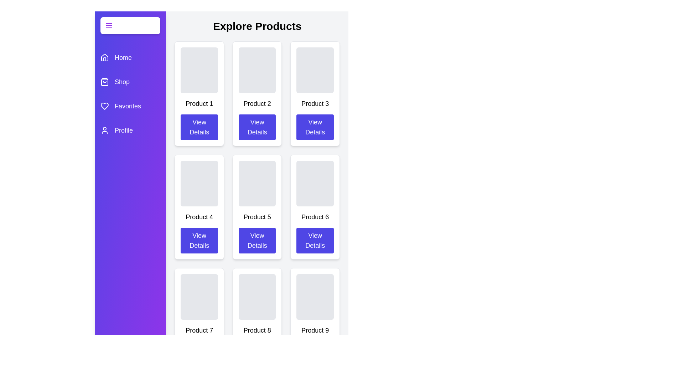  I want to click on the menu button to toggle the drawer, so click(130, 25).